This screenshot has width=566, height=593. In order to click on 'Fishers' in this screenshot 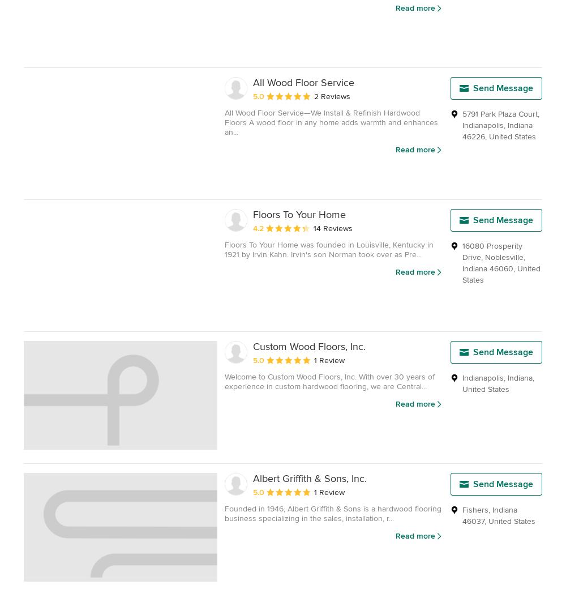, I will do `click(475, 509)`.